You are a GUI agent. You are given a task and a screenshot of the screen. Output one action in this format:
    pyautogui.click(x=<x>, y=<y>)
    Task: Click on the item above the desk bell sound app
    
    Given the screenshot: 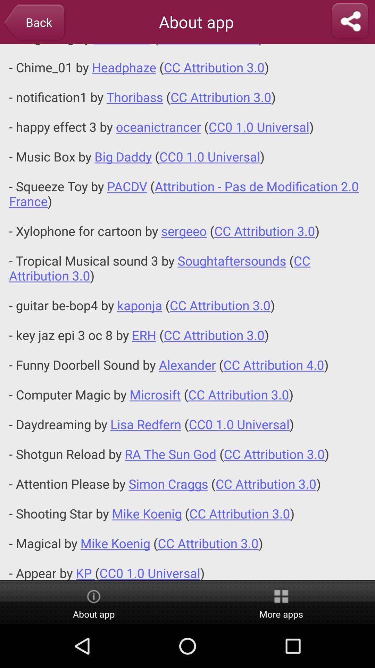 What is the action you would take?
    pyautogui.click(x=350, y=22)
    